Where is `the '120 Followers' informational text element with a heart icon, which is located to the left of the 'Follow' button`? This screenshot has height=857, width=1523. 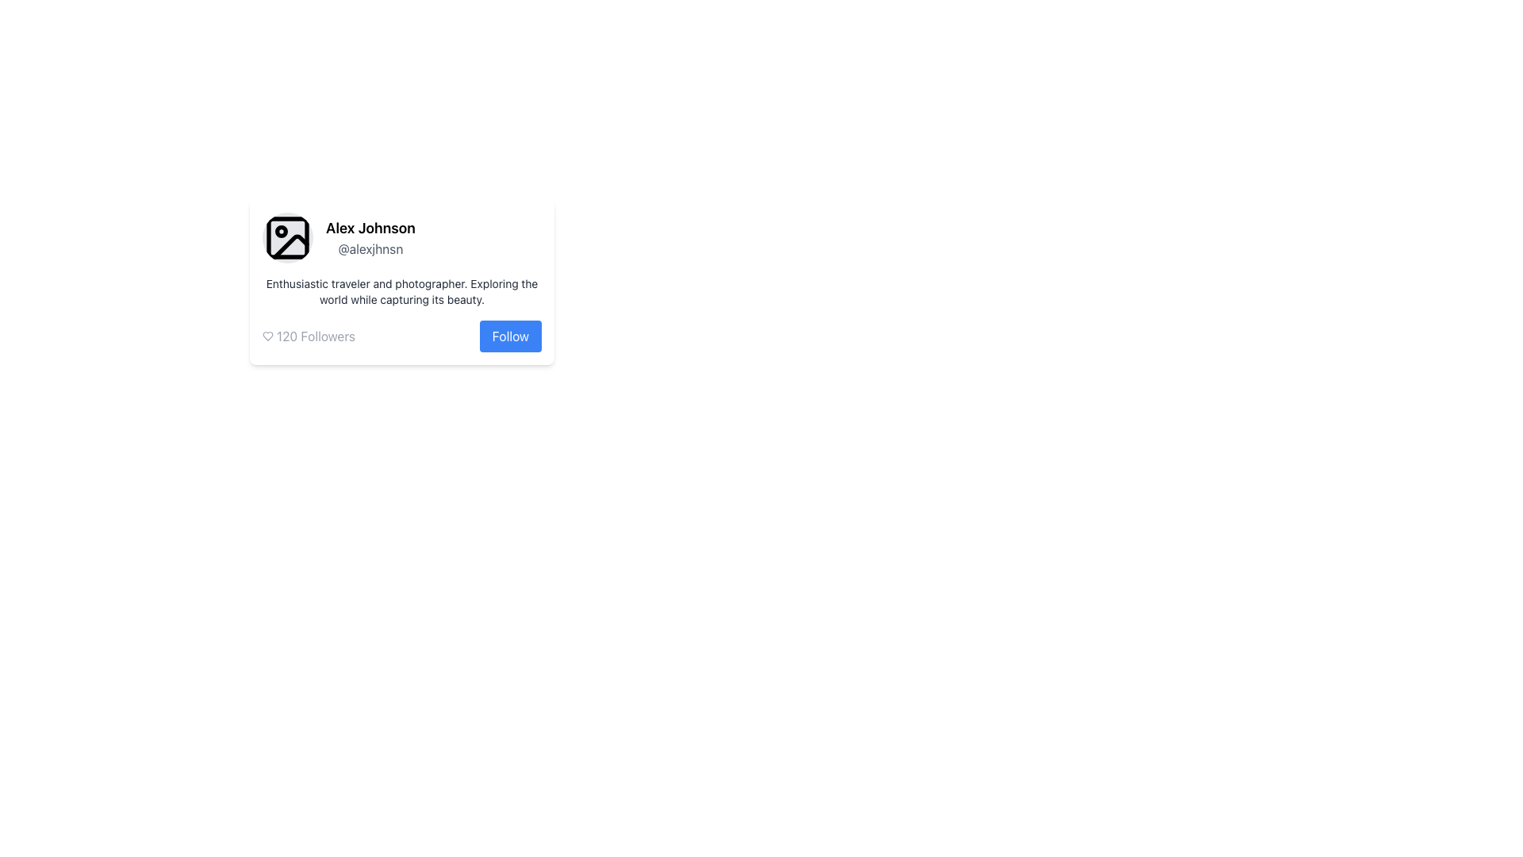 the '120 Followers' informational text element with a heart icon, which is located to the left of the 'Follow' button is located at coordinates (309, 336).